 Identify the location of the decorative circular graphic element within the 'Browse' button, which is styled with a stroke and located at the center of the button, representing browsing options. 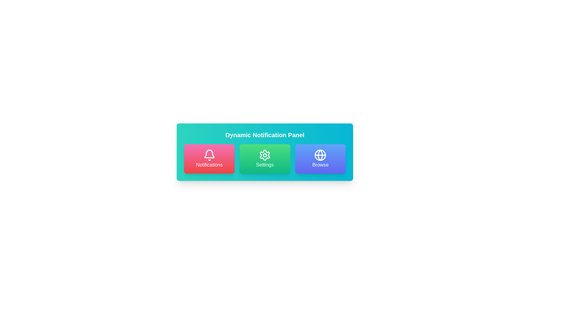
(320, 155).